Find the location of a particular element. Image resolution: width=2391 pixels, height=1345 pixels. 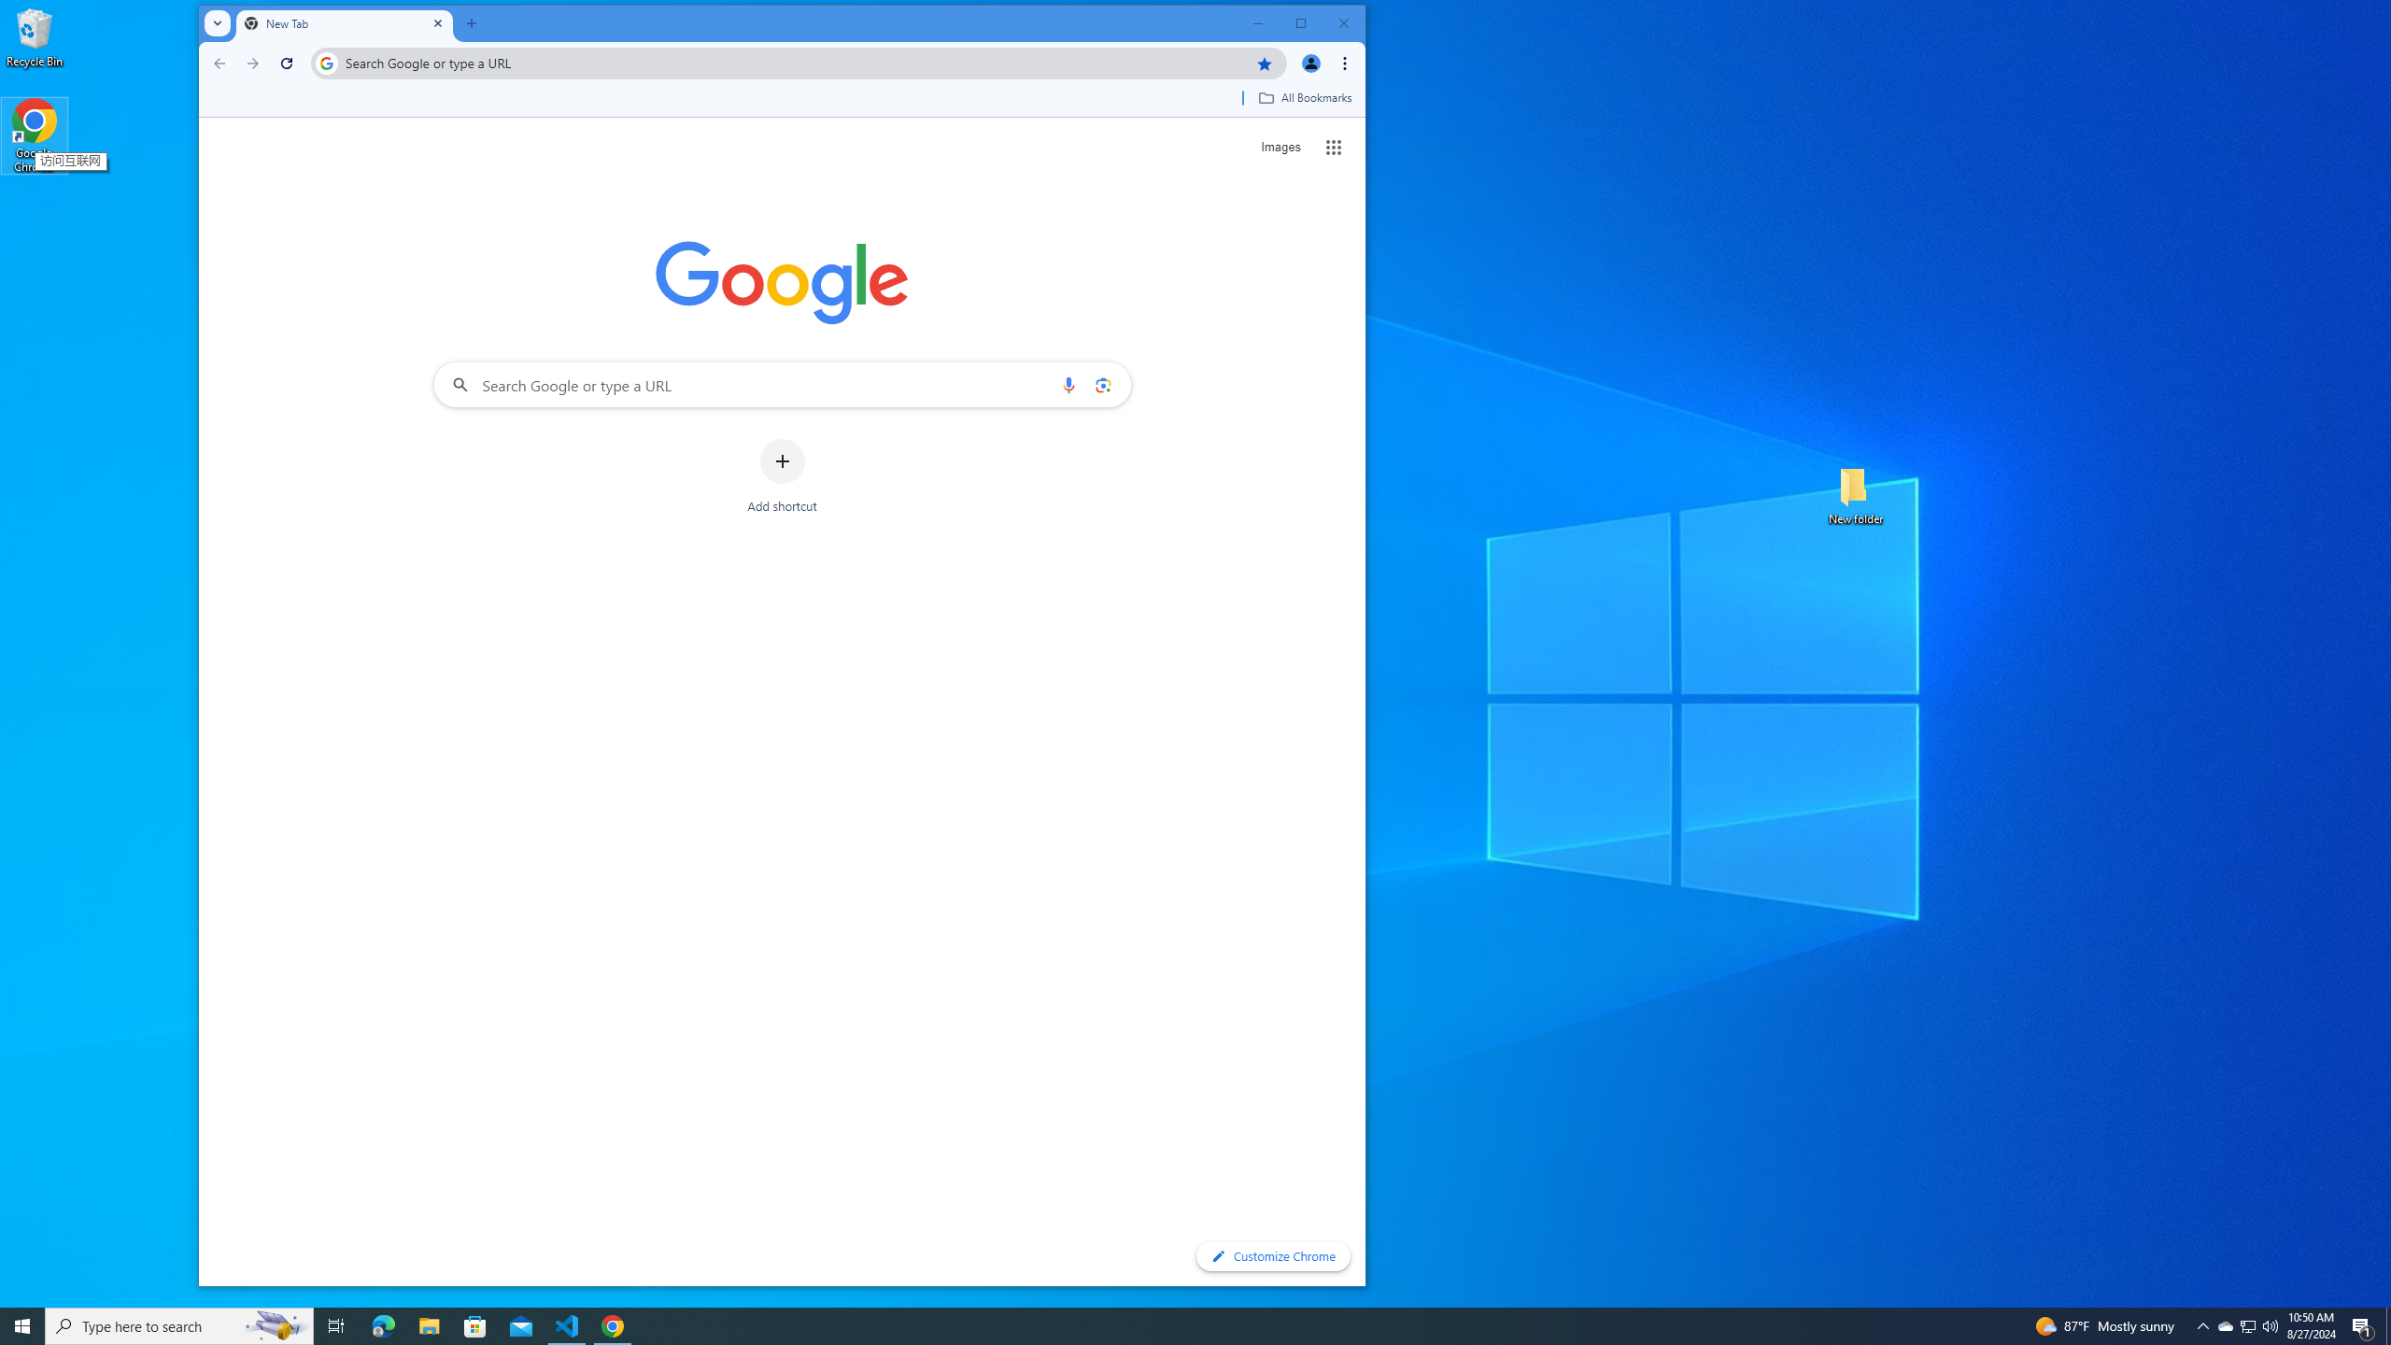

'Recycle Bin' is located at coordinates (34, 35).